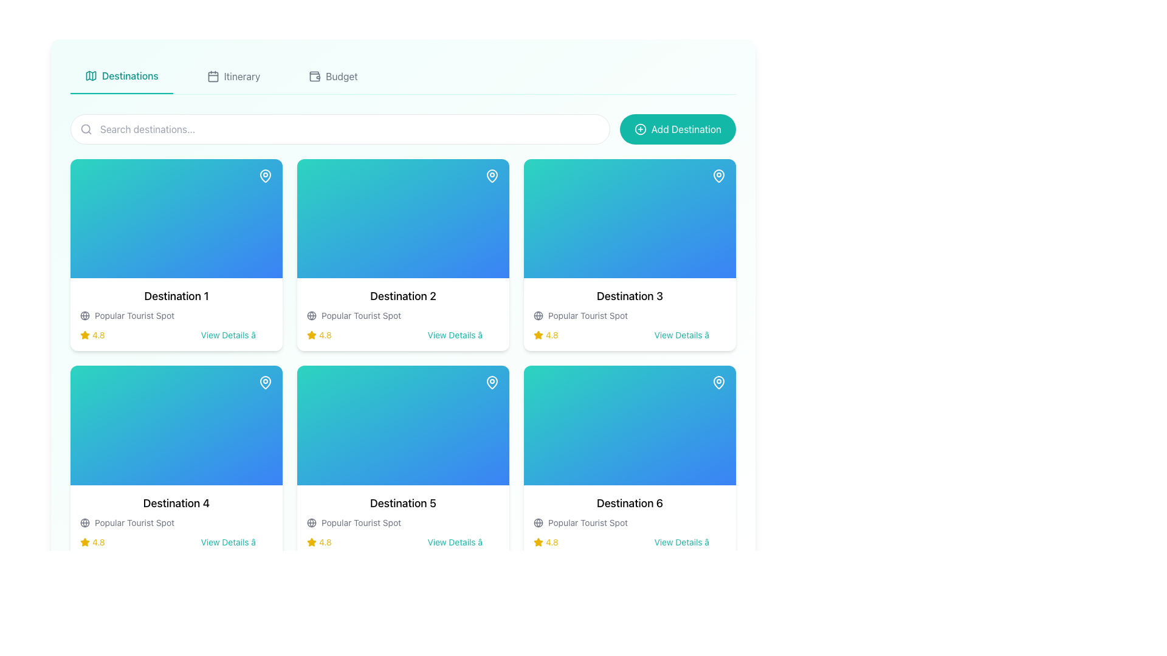 The width and height of the screenshot is (1167, 656). I want to click on the 'Destination 5' text label, which is prominently displayed in a card-like component in the second row of a grid layout, so click(403, 503).